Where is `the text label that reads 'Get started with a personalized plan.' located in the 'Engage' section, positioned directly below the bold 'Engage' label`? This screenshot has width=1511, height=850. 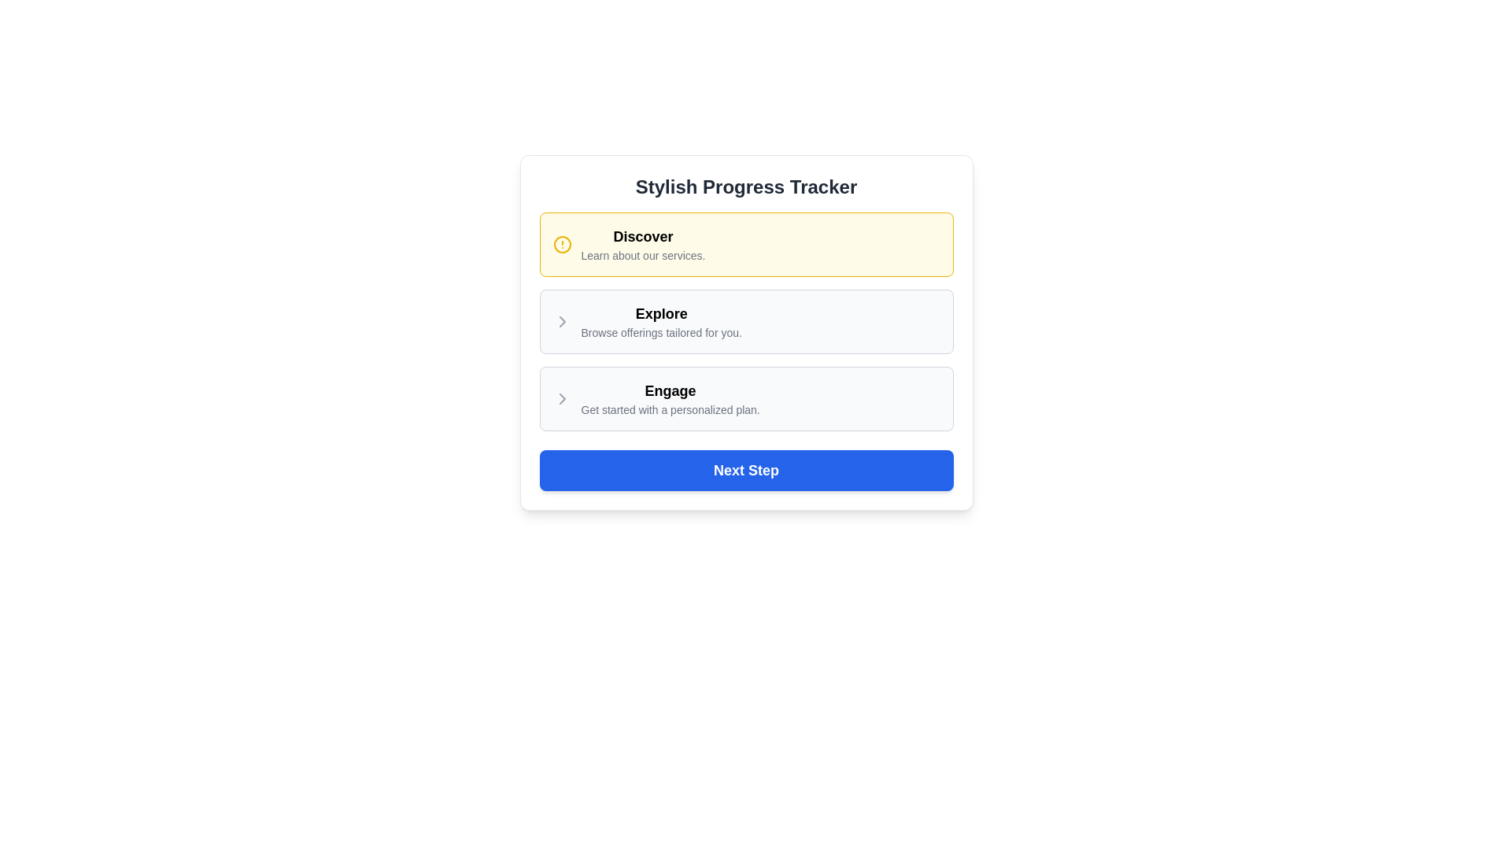 the text label that reads 'Get started with a personalized plan.' located in the 'Engage' section, positioned directly below the bold 'Engage' label is located at coordinates (671, 408).